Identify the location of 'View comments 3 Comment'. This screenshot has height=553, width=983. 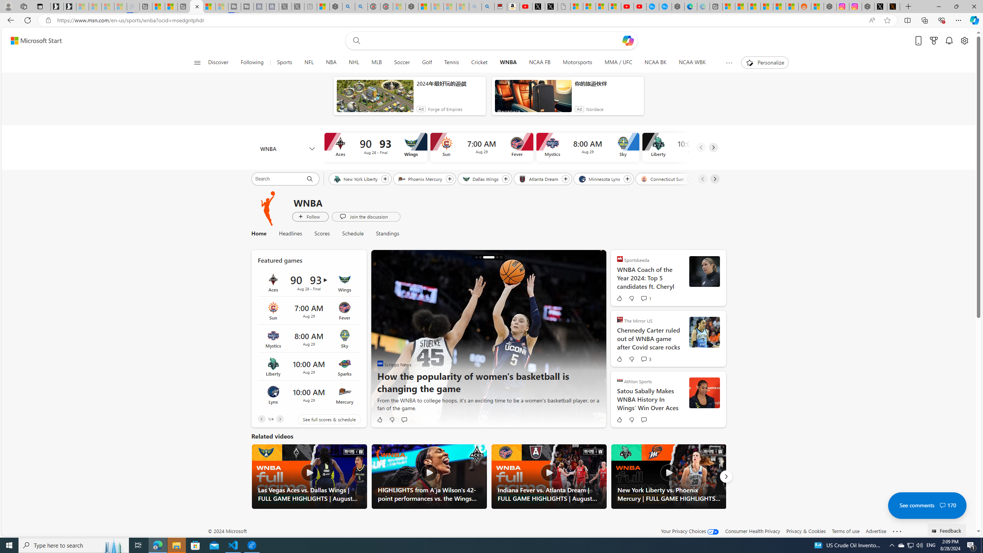
(643, 359).